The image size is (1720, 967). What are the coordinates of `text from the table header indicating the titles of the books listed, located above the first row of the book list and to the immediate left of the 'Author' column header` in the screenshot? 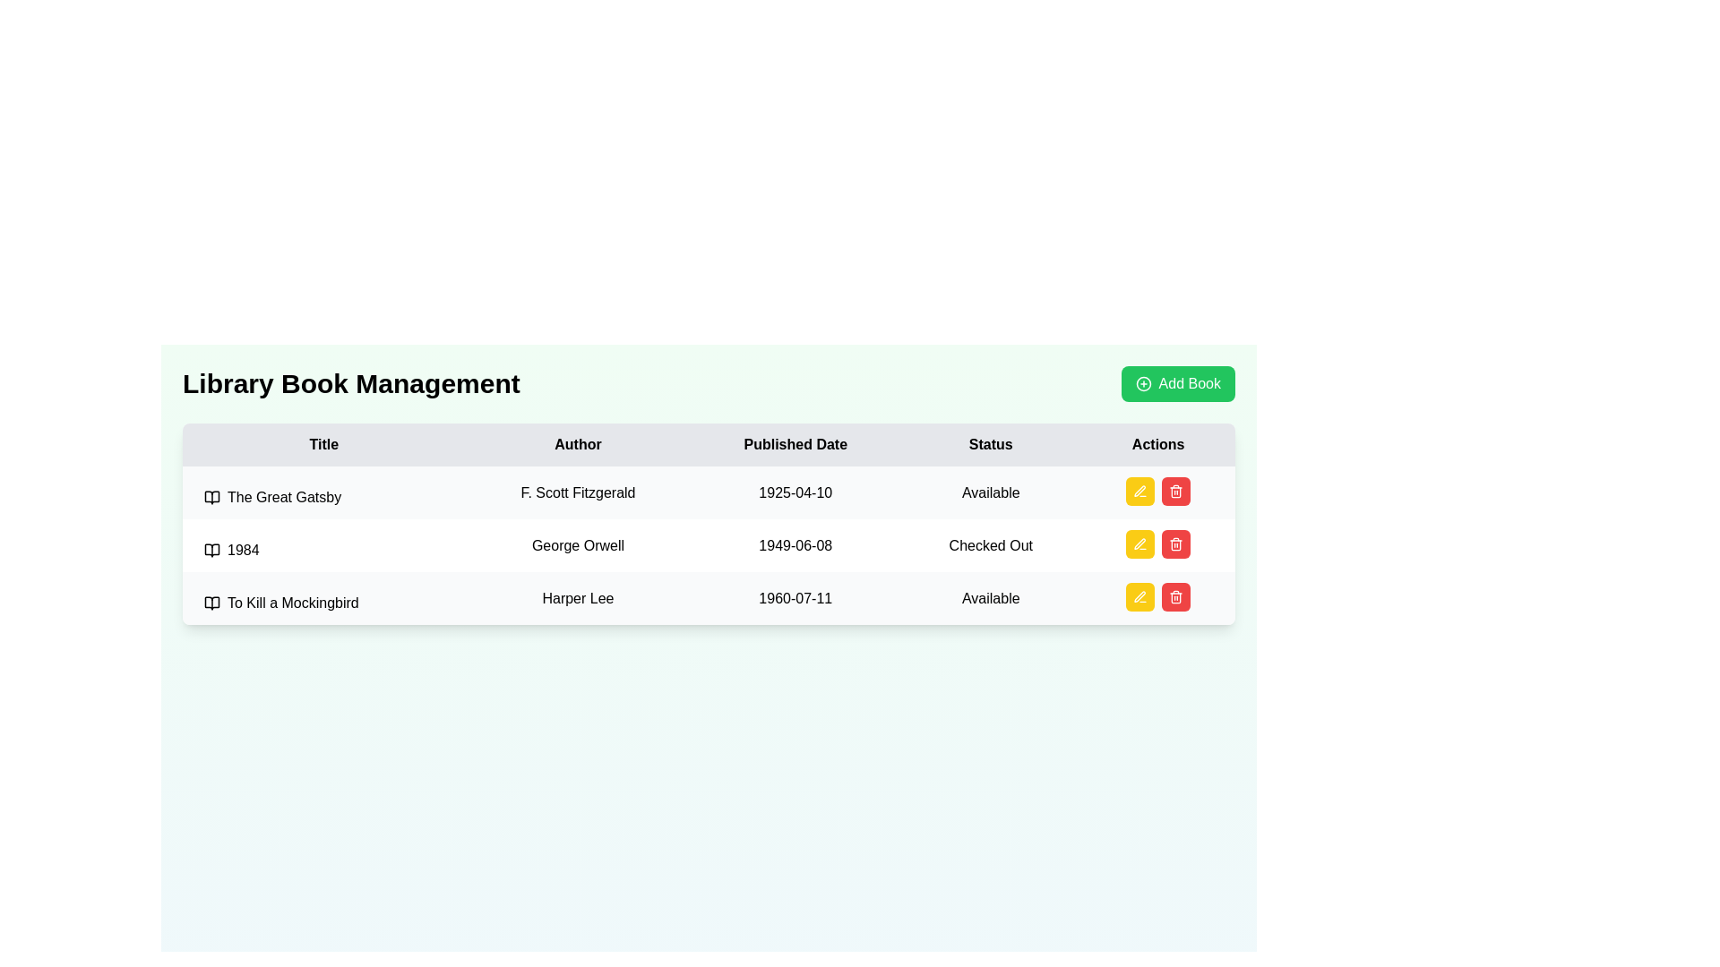 It's located at (323, 444).